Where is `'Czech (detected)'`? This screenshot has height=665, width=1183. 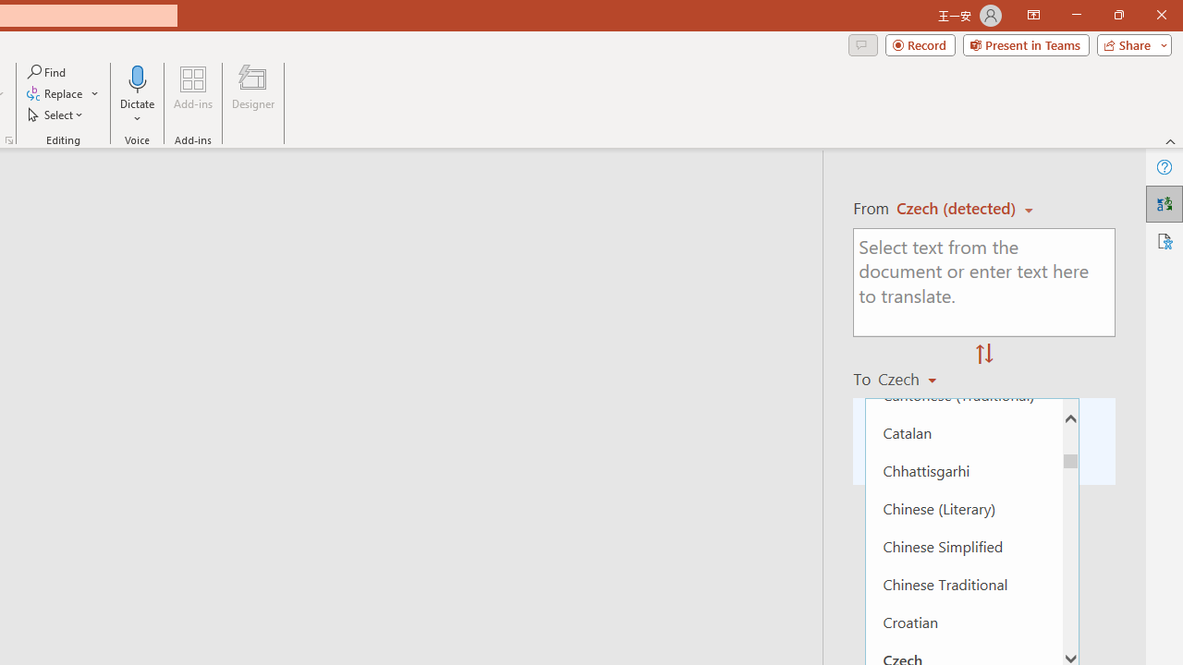 'Czech (detected)' is located at coordinates (958, 208).